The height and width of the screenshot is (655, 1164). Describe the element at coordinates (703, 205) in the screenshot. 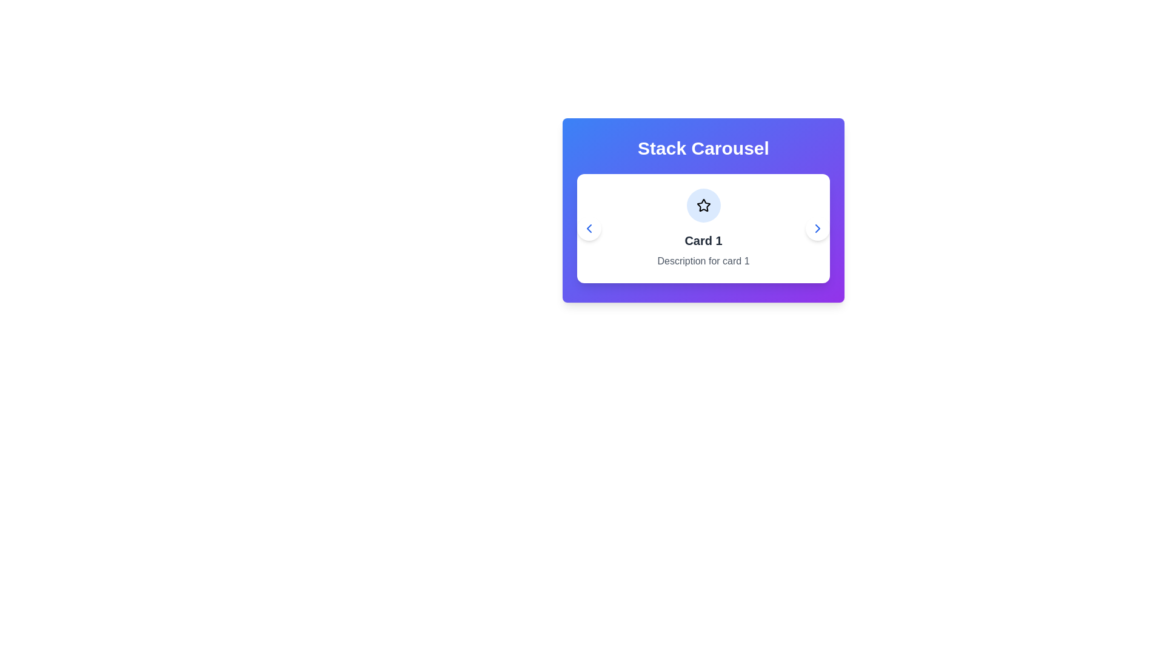

I see `the star-shaped icon with a light blue circular background located in 'Card 1' above the card title` at that location.